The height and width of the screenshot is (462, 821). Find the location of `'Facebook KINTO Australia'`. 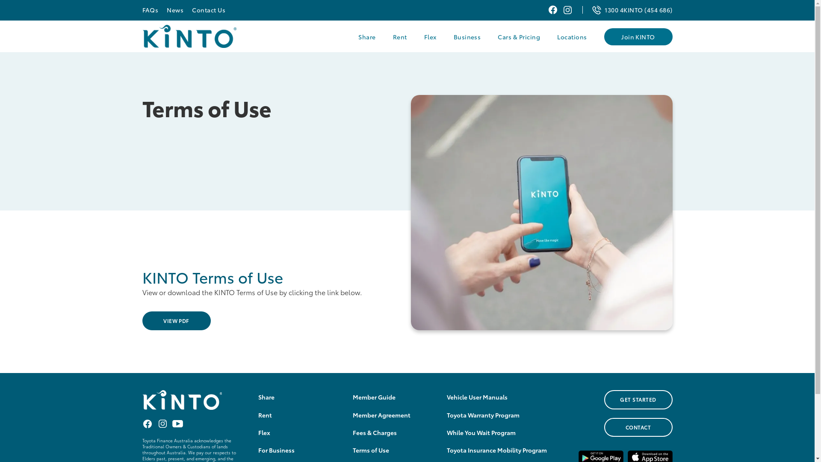

'Facebook KINTO Australia' is located at coordinates (147, 423).